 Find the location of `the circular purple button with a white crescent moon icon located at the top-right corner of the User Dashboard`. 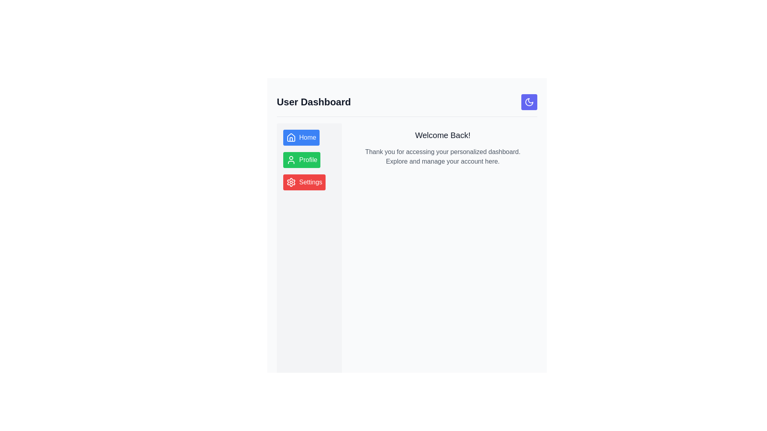

the circular purple button with a white crescent moon icon located at the top-right corner of the User Dashboard is located at coordinates (529, 101).